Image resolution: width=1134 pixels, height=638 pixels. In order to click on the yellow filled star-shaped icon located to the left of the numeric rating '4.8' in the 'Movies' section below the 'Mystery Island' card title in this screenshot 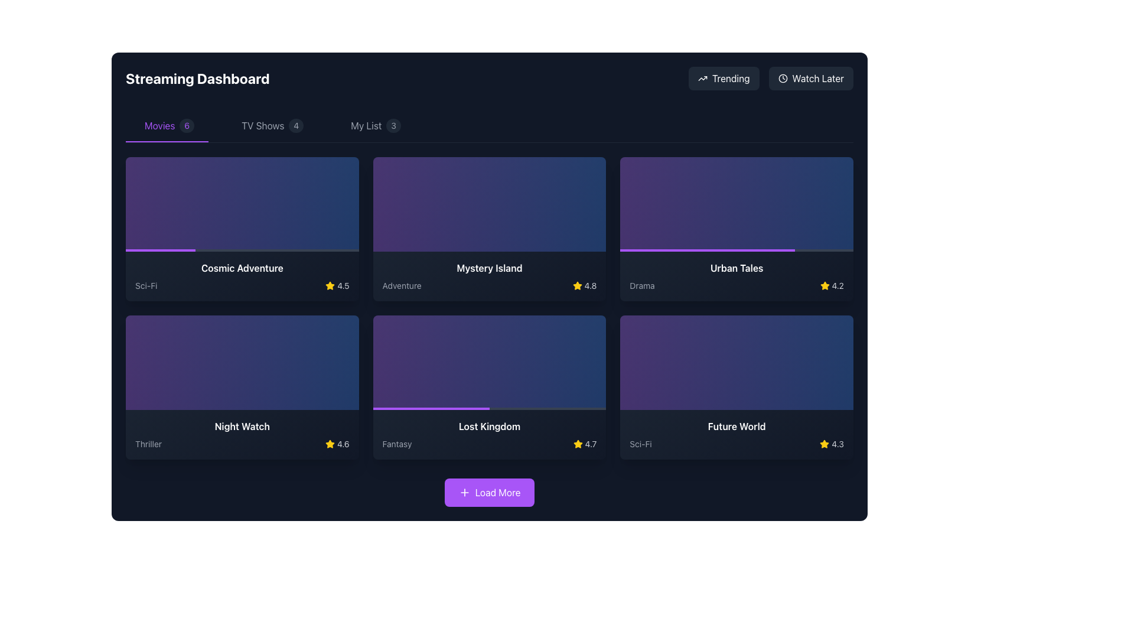, I will do `click(577, 285)`.